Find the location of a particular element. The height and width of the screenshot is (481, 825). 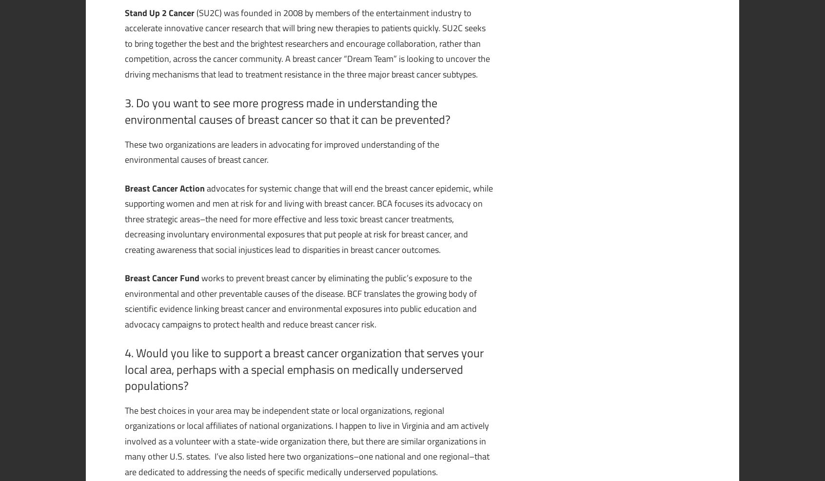

'The best choices in your area may be independent state or local organizations, regional organizations or local affiliates of national organizations. I happen to live in Virginia and am actively involved as a volunteer with a state-wide organization there, but there are similar organizations in many other U.S. states.  I’ve also listed here two organizations–one national and one regional–that are dedicated to addressing the needs of specific medically underserved populations.' is located at coordinates (306, 440).